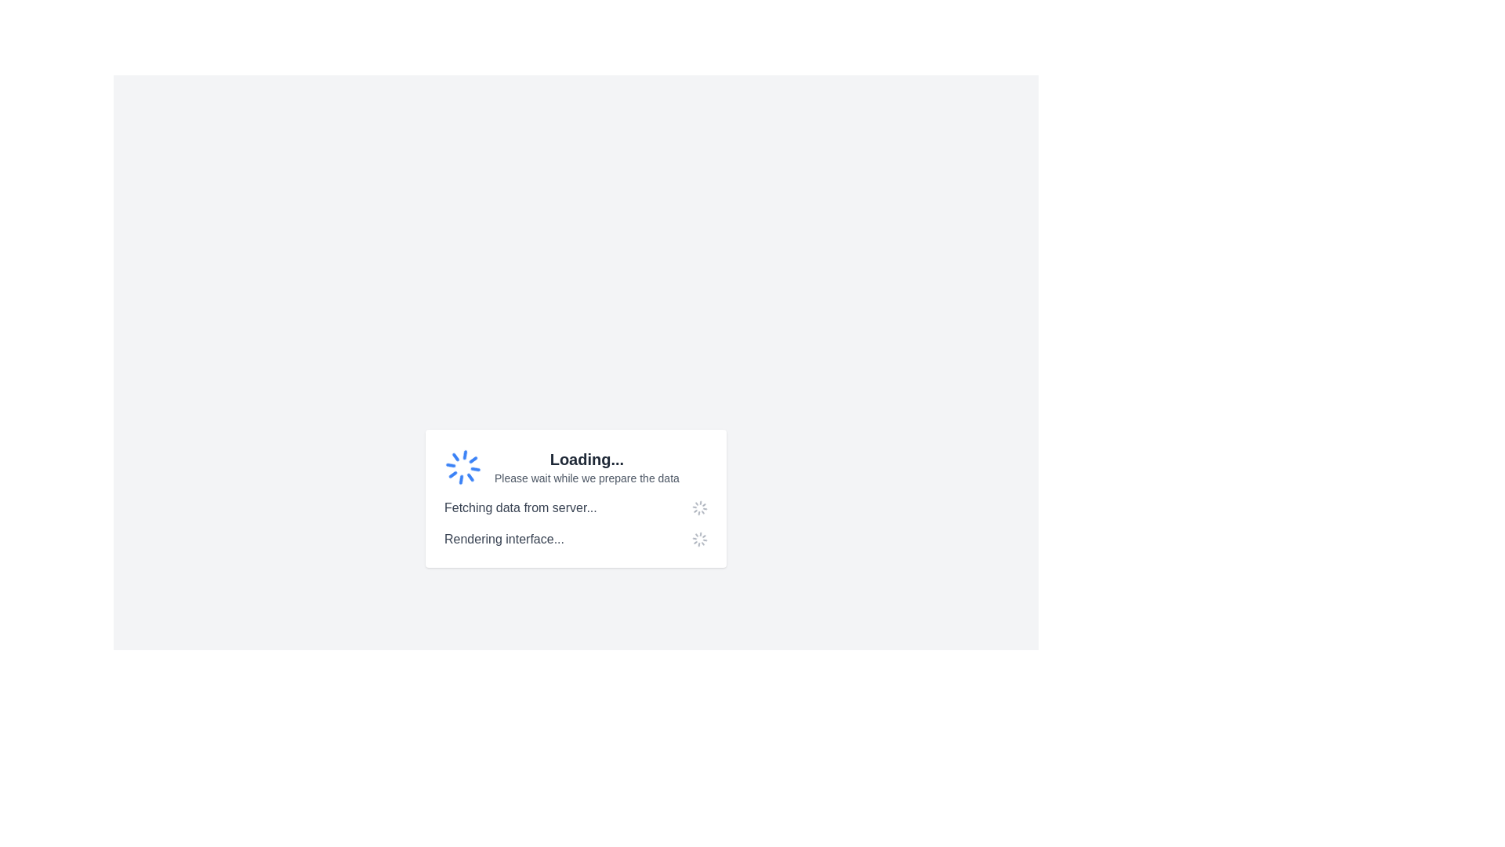 The width and height of the screenshot is (1505, 847). I want to click on the status indicator text label located at the bottom of the loading modal, positioned to the left of the spinner icon, so click(504, 538).